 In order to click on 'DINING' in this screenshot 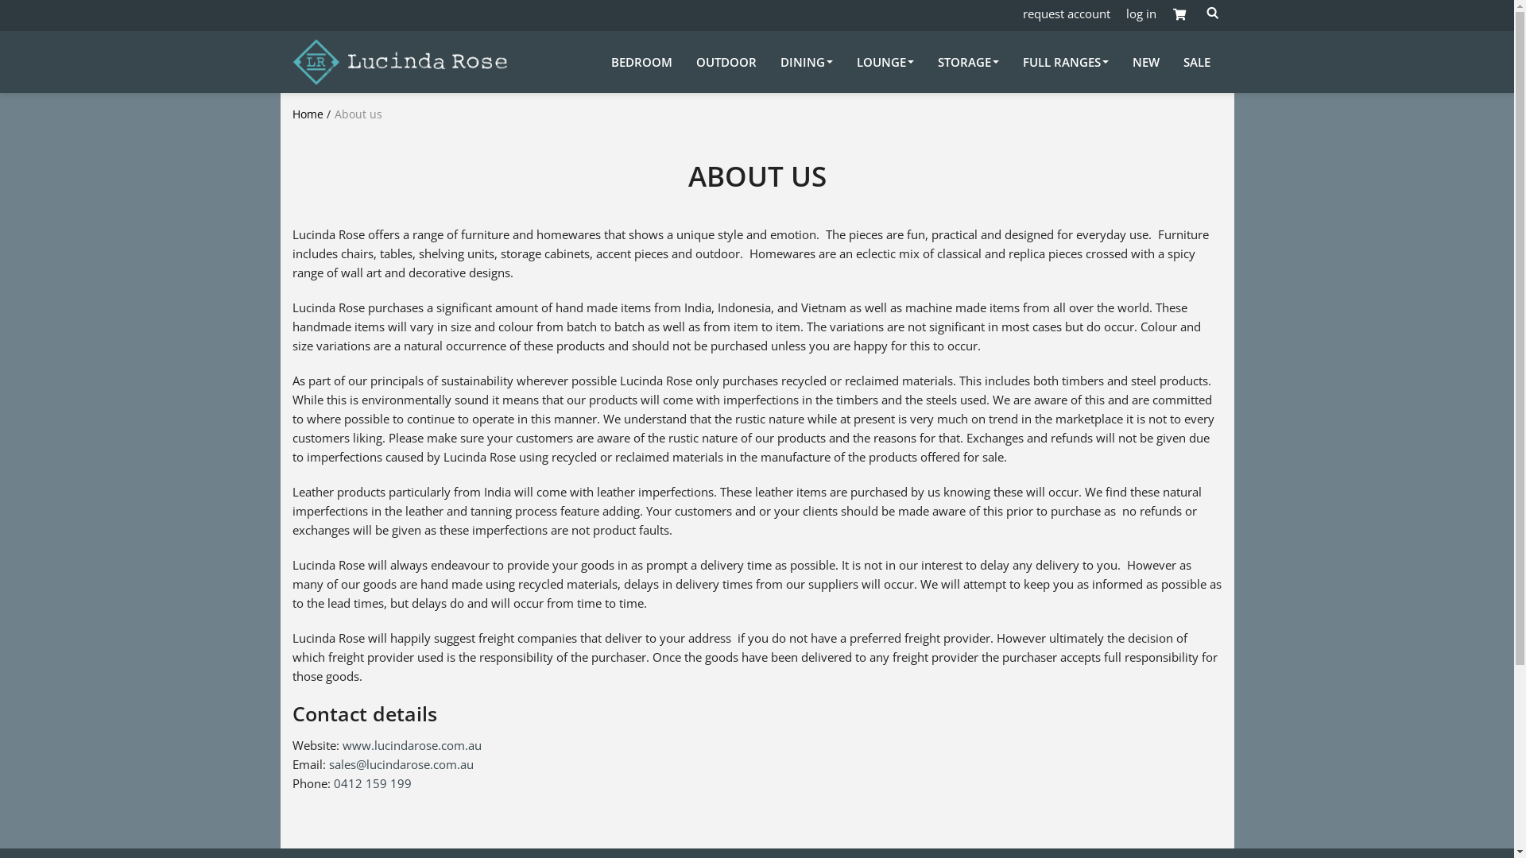, I will do `click(806, 60)`.